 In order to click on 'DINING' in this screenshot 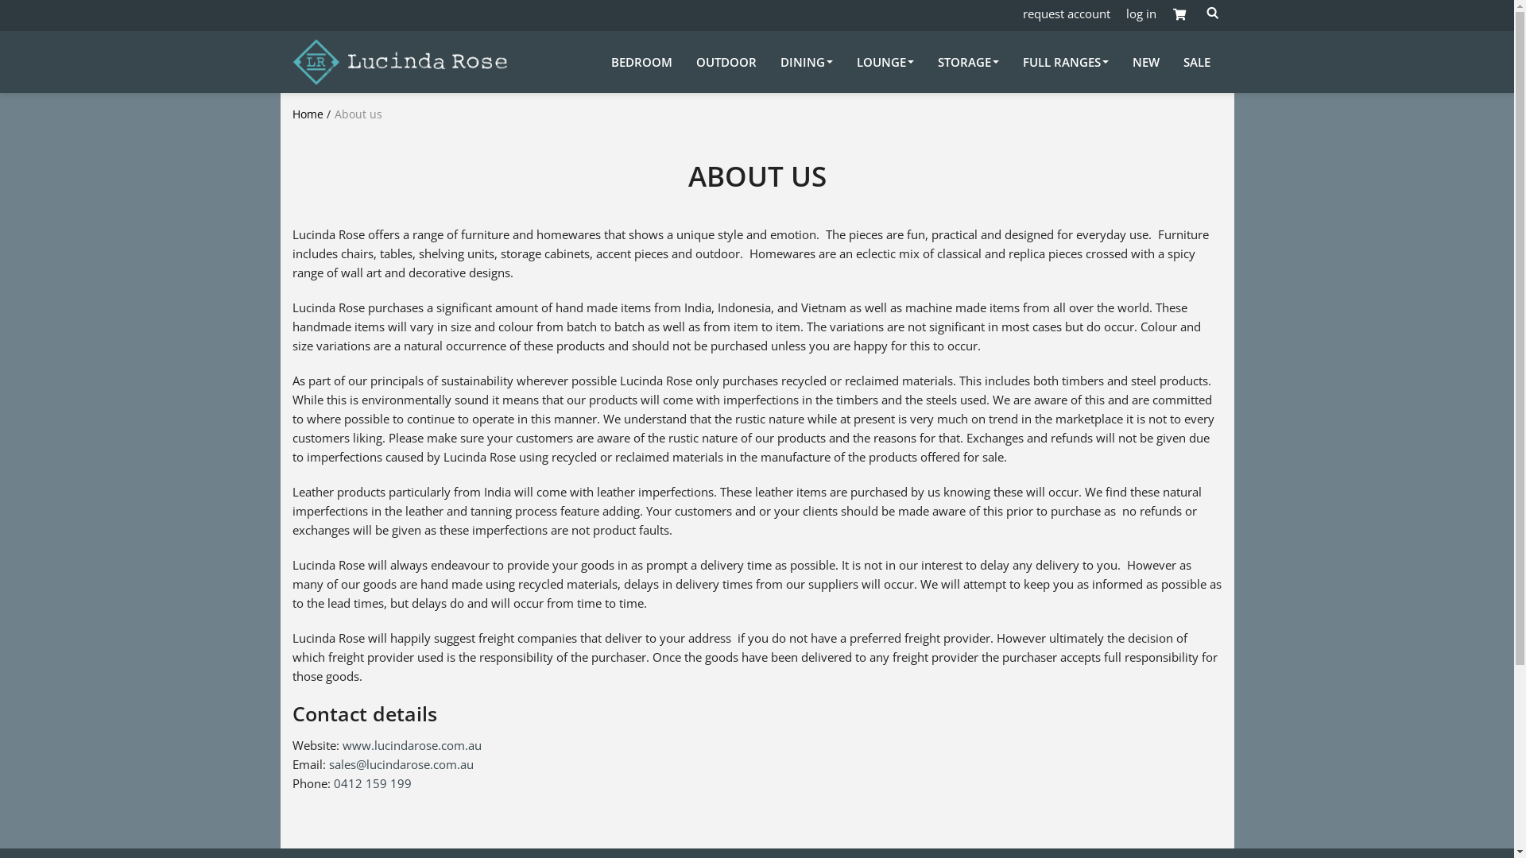, I will do `click(806, 60)`.